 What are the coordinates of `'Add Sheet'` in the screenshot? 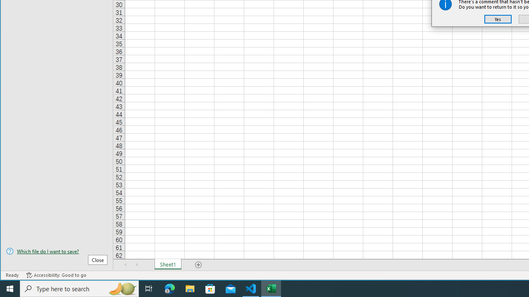 It's located at (199, 264).